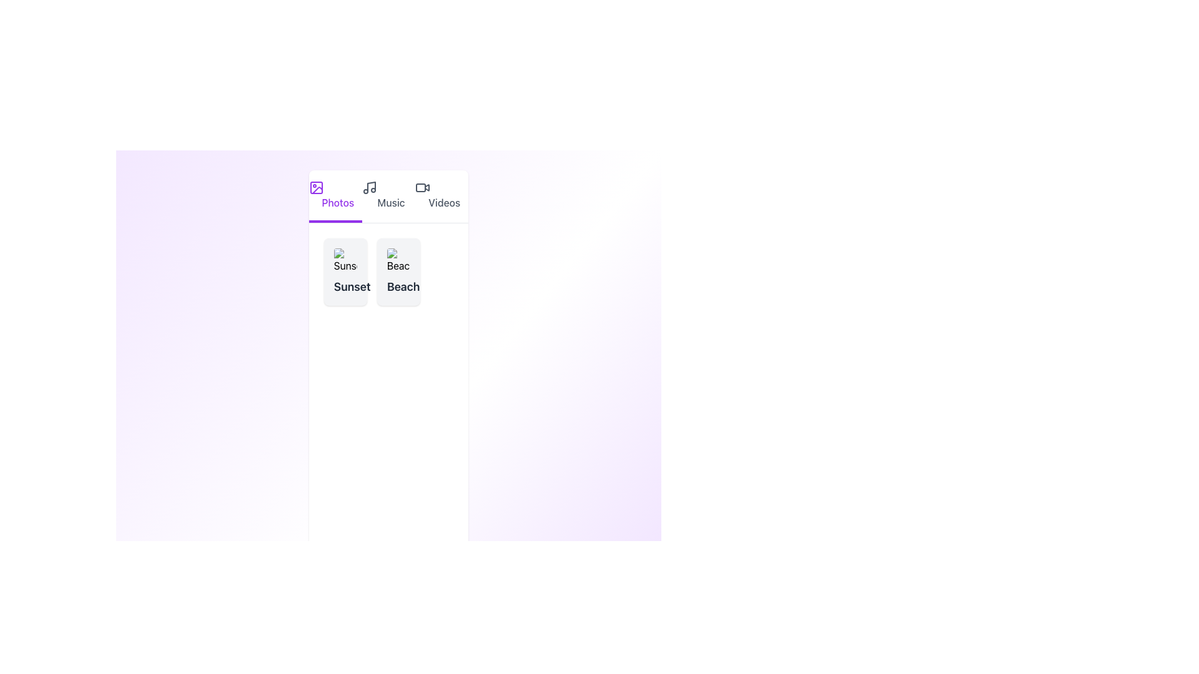 The height and width of the screenshot is (674, 1199). What do you see at coordinates (345, 271) in the screenshot?
I see `on the first card in the grid layout under the 'Photos' tab, which features a light gray background, rounded borders, and the text 'Sunset' in bold` at bounding box center [345, 271].